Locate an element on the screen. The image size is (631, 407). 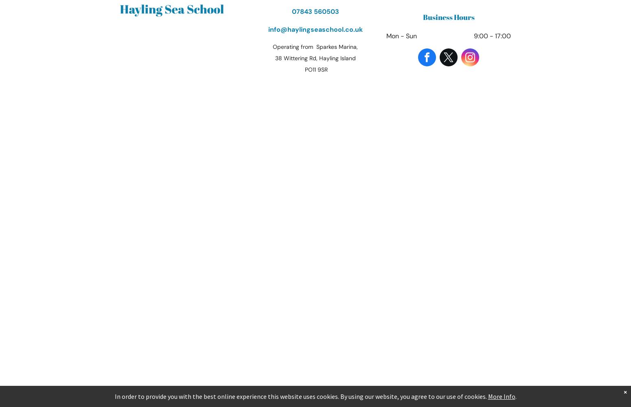
'07843 560503' is located at coordinates (315, 11).